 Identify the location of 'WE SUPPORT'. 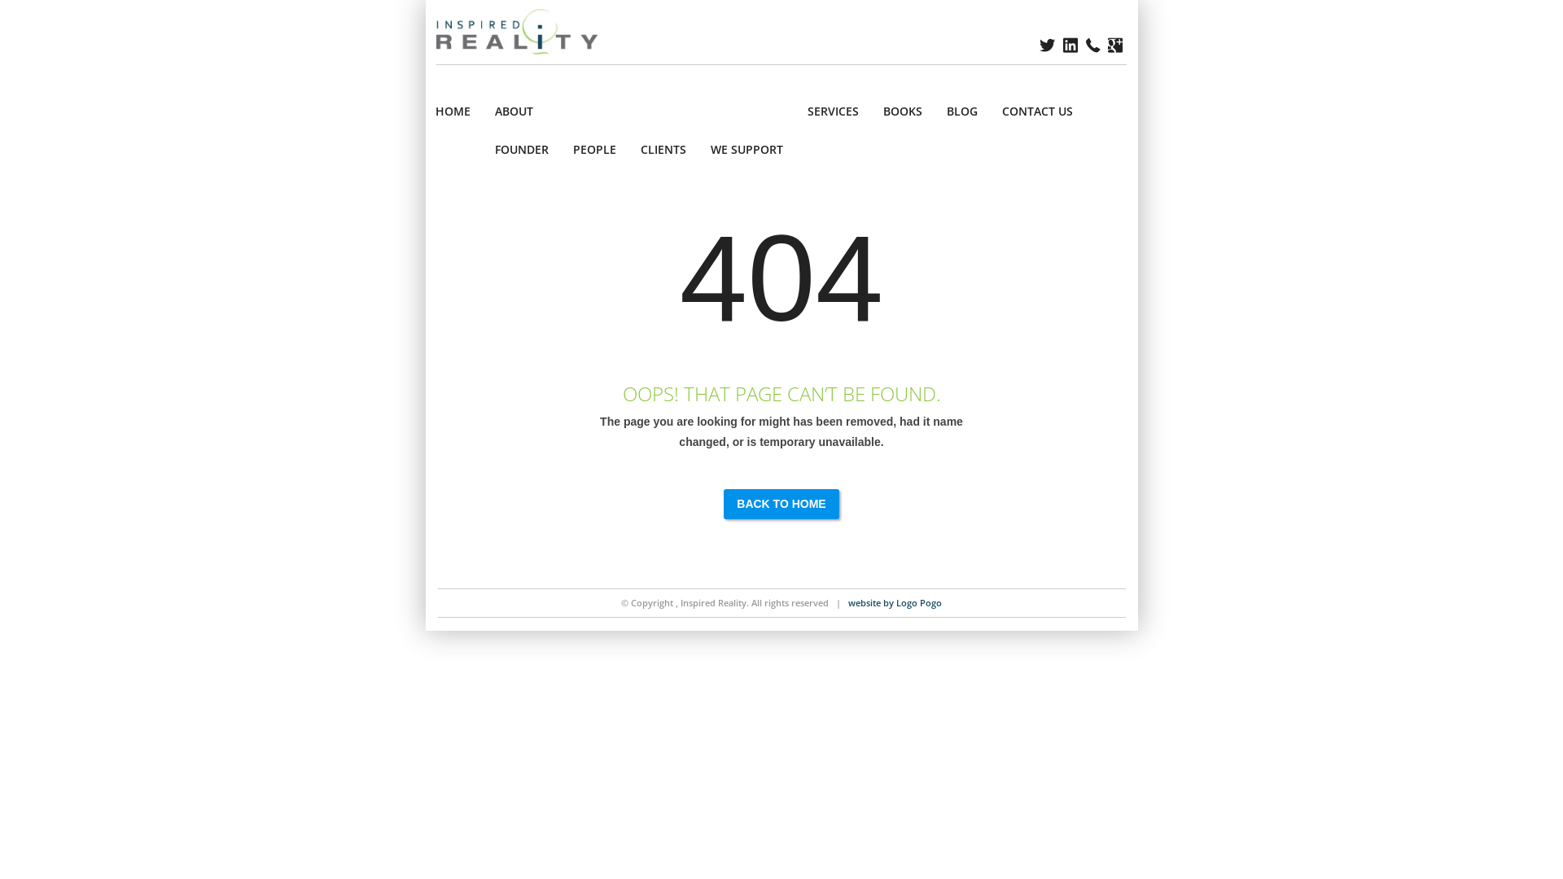
(746, 149).